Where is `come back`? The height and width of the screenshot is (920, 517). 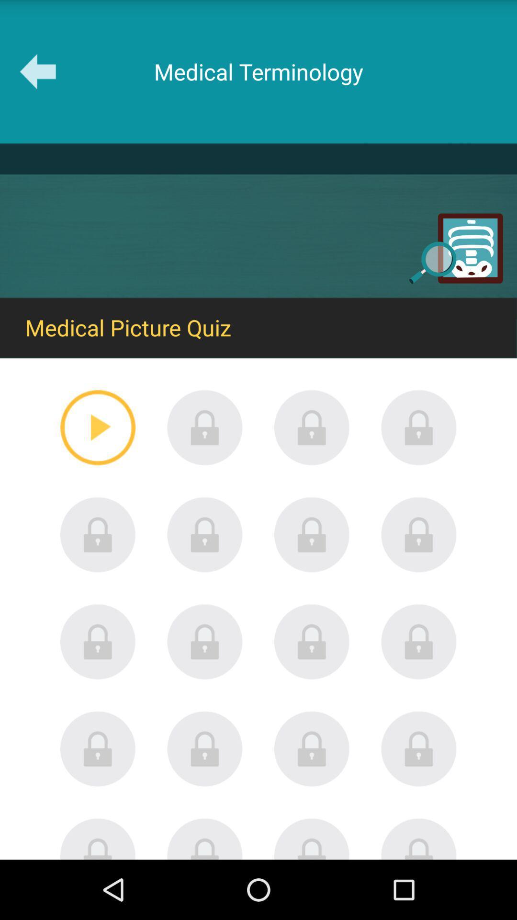
come back is located at coordinates (312, 838).